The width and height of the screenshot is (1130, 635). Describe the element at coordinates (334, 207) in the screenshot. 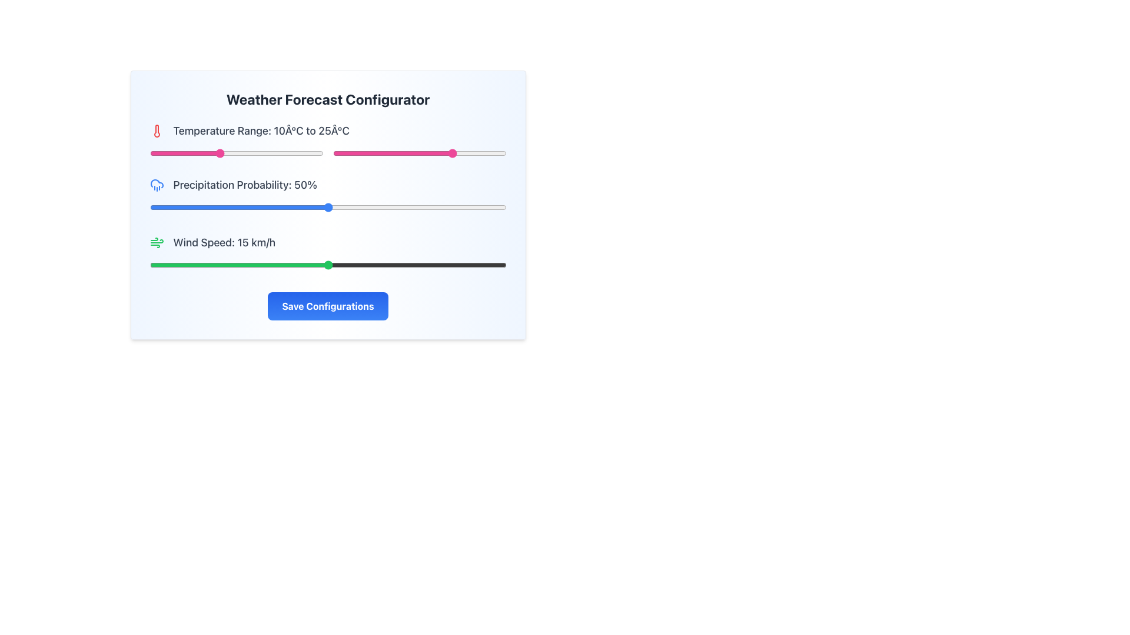

I see `precipitation probability` at that location.